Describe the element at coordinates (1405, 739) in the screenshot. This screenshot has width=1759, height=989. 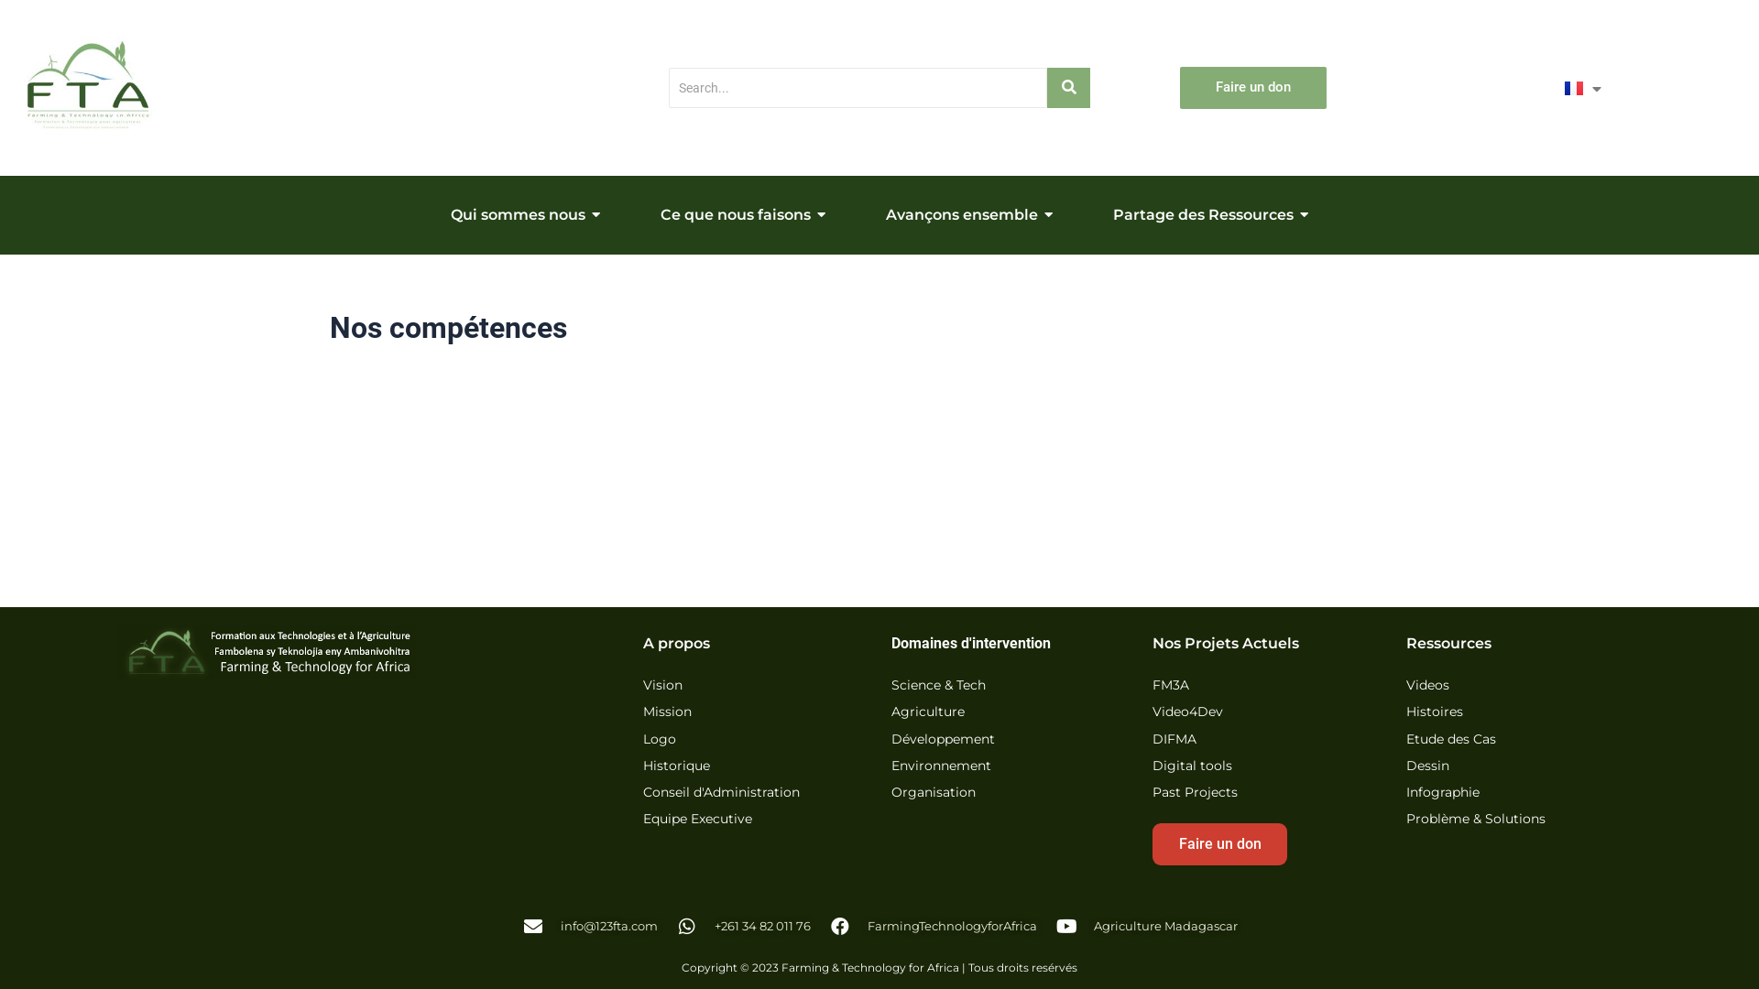
I see `'Etude des Cas'` at that location.